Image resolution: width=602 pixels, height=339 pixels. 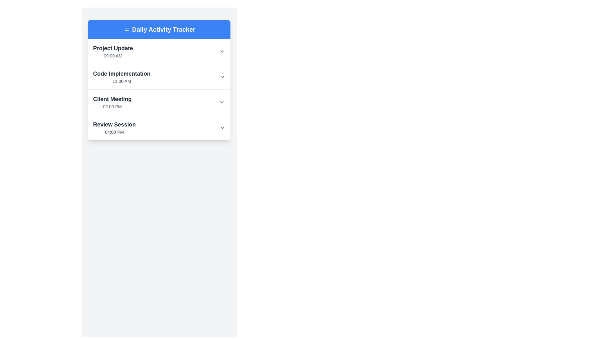 What do you see at coordinates (159, 77) in the screenshot?
I see `the second list item of scheduled activities` at bounding box center [159, 77].